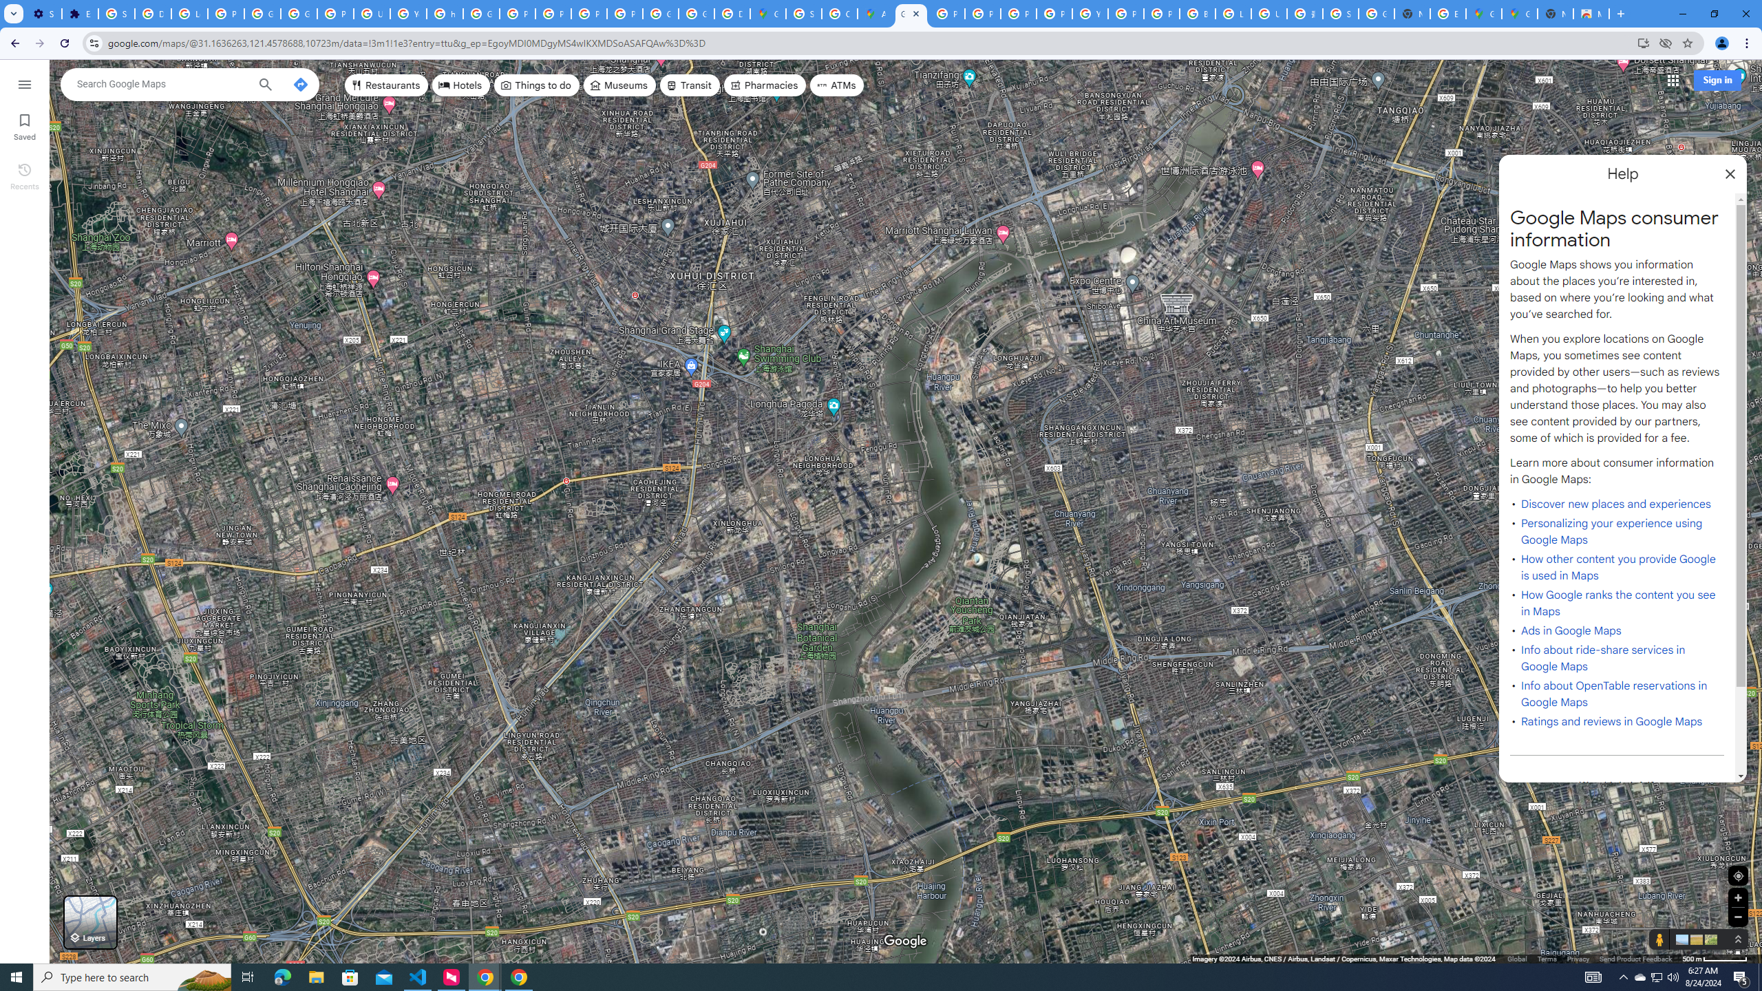  What do you see at coordinates (1520, 13) in the screenshot?
I see `'Google Maps'` at bounding box center [1520, 13].